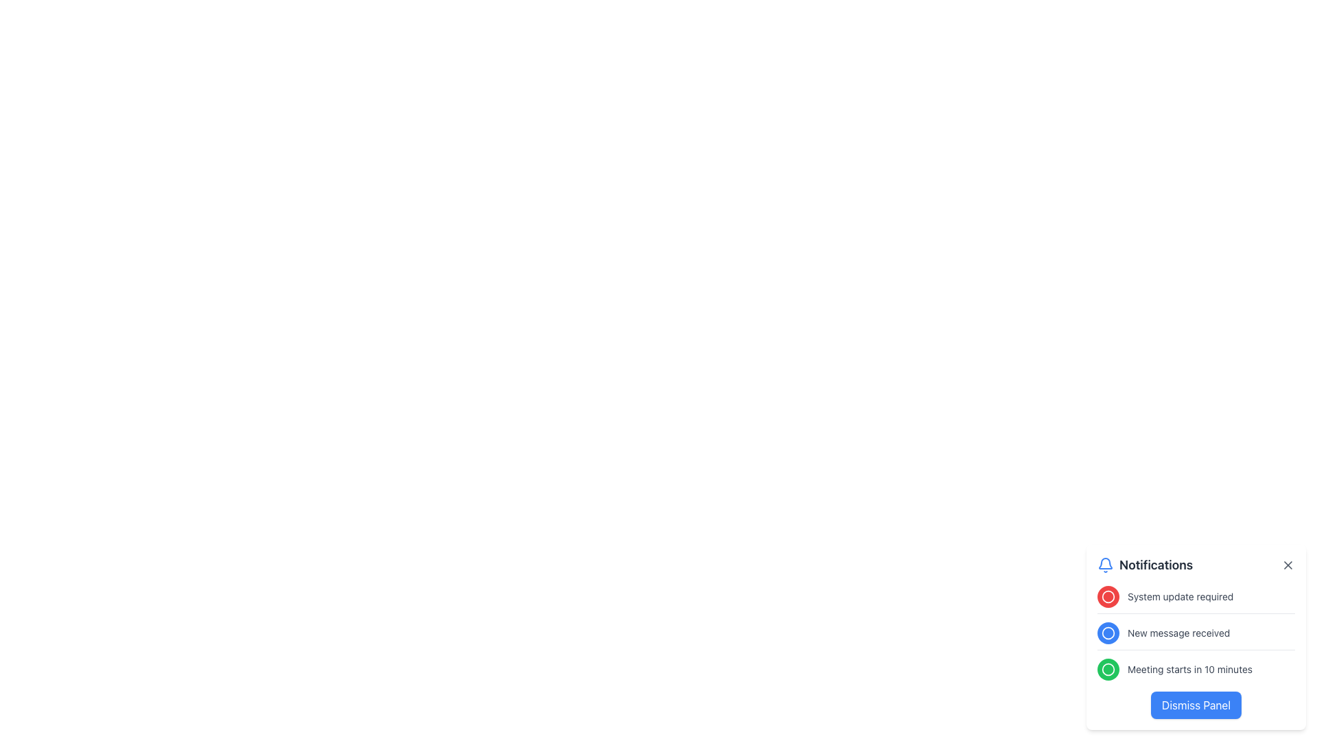 The height and width of the screenshot is (741, 1317). What do you see at coordinates (1108, 633) in the screenshot?
I see `the informational icon indicating the status of the 'New message received' notification located on the rightmost side of the notification item` at bounding box center [1108, 633].